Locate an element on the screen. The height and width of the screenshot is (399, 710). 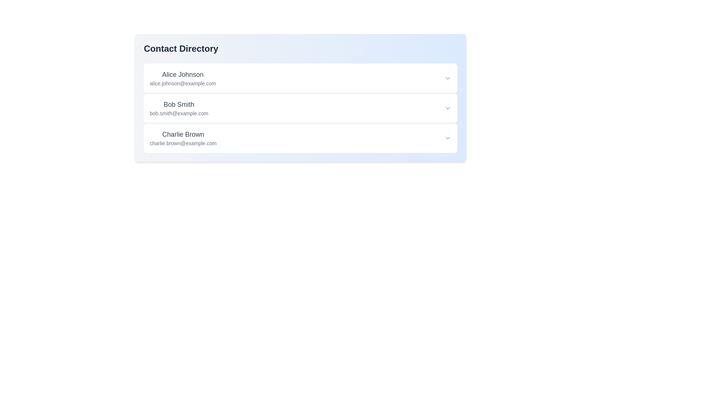
displayed contact information for the entry 'Charlie Brown' which includes the name in bold and the email in lighter gray is located at coordinates (183, 138).